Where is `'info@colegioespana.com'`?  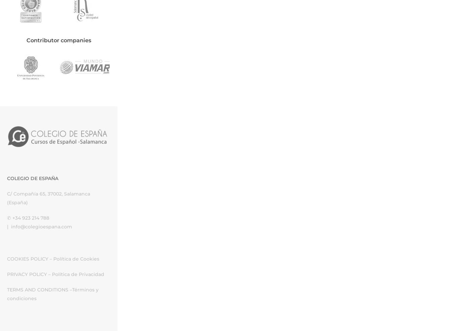 'info@colegioespana.com' is located at coordinates (41, 226).